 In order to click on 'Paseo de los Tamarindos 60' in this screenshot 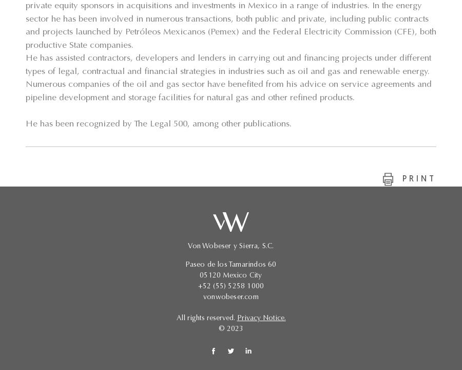, I will do `click(230, 265)`.